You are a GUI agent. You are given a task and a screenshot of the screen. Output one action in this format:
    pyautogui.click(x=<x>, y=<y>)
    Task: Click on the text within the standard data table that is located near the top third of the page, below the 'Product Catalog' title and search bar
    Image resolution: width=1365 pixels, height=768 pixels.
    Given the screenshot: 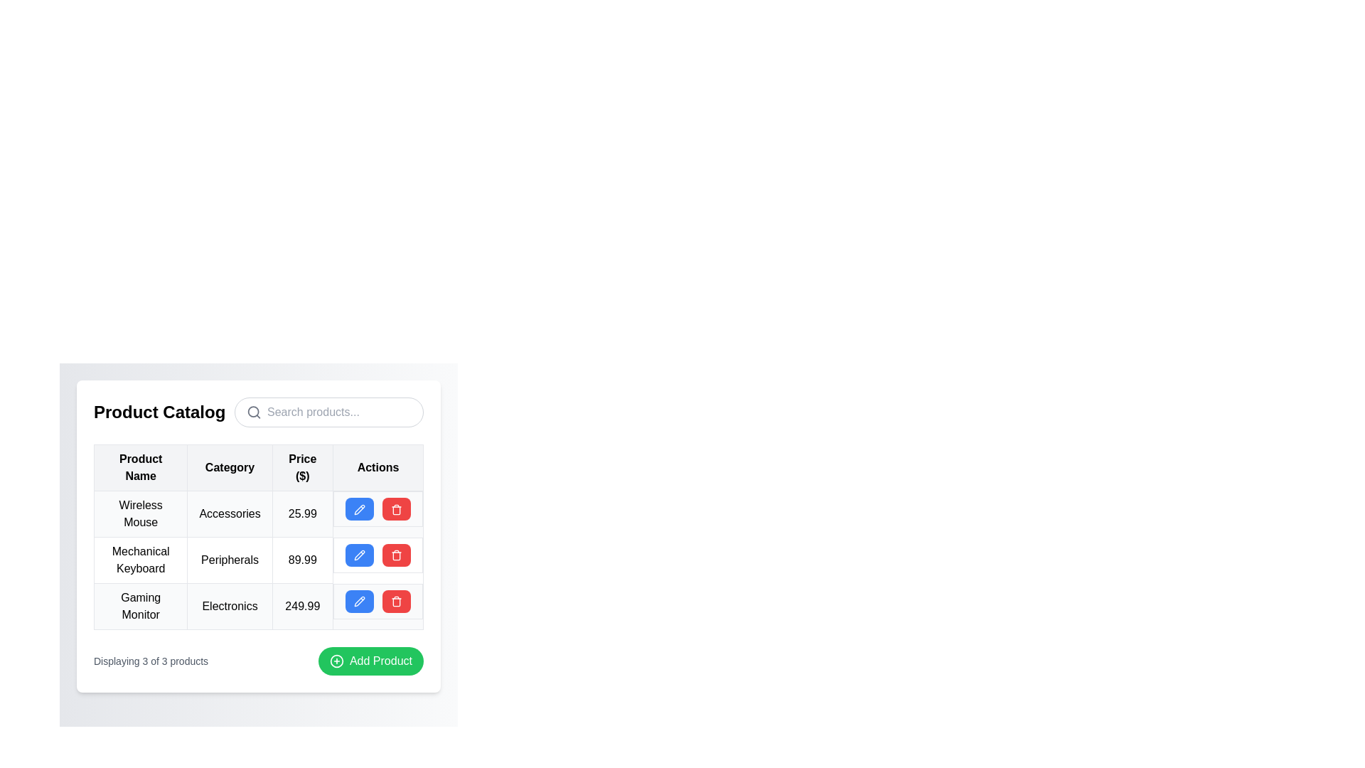 What is the action you would take?
    pyautogui.click(x=259, y=535)
    